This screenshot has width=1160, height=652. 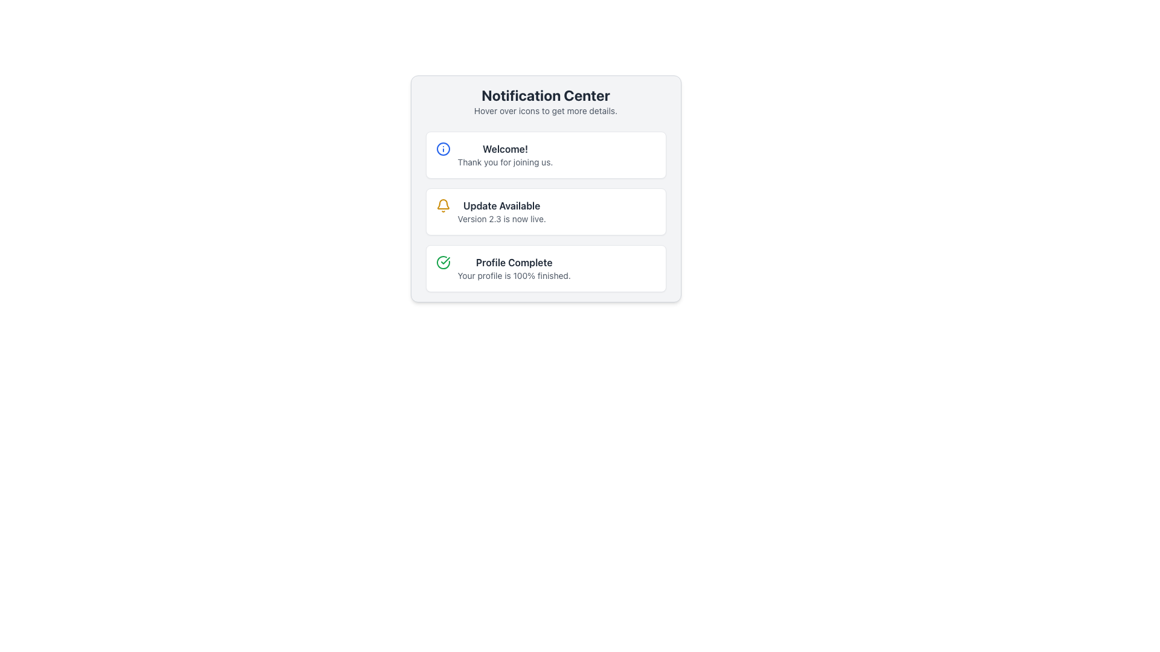 I want to click on static text element that displays 'Thank you for joining us.' located below the 'Welcome!' heading in the notification center, so click(x=505, y=162).